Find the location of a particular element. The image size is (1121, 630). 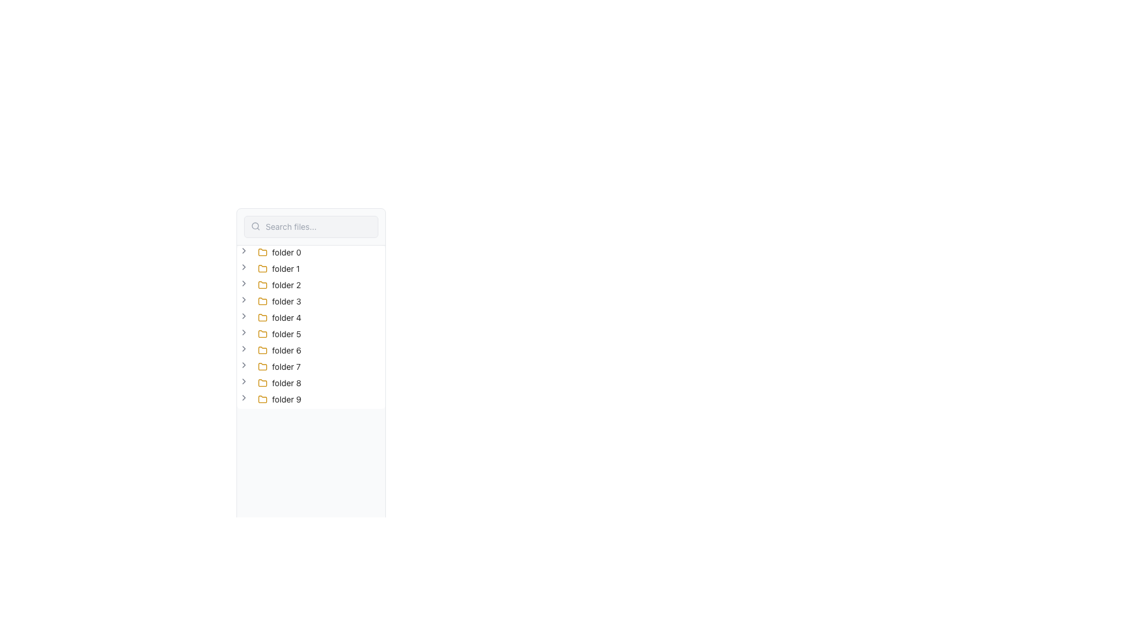

the folder node in the file navigation tree is located at coordinates (270, 366).